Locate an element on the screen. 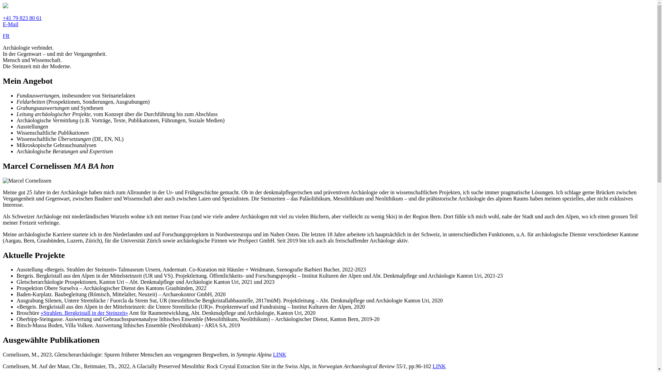 This screenshot has height=372, width=662. 'LINK' is located at coordinates (432, 366).